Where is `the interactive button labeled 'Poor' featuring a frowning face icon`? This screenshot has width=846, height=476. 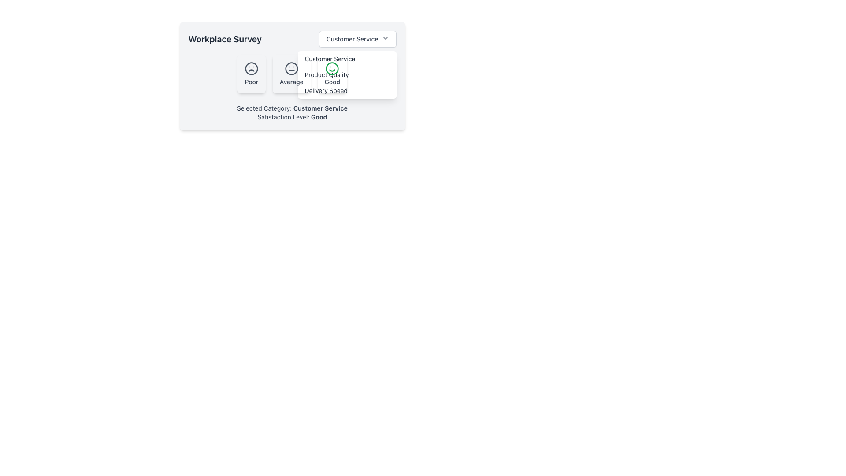
the interactive button labeled 'Poor' featuring a frowning face icon is located at coordinates (251, 74).